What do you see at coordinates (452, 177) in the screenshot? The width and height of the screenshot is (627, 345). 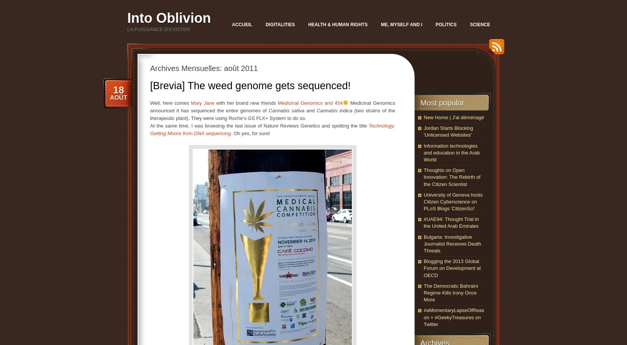 I see `'Thoughts on Open Innovation: The Rebirth of the Citizen Scientist'` at bounding box center [452, 177].